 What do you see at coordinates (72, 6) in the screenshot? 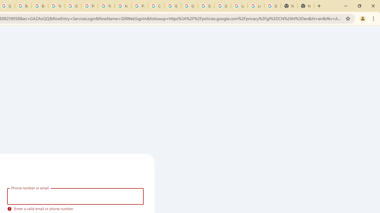
I see `'Google Account Help'` at bounding box center [72, 6].